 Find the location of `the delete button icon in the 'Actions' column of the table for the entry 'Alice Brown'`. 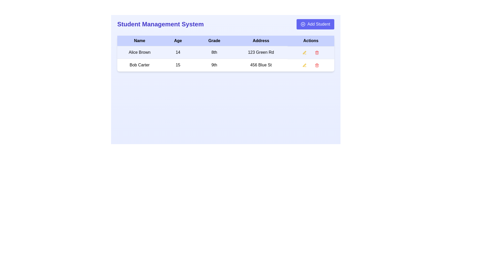

the delete button icon in the 'Actions' column of the table for the entry 'Alice Brown' is located at coordinates (317, 52).